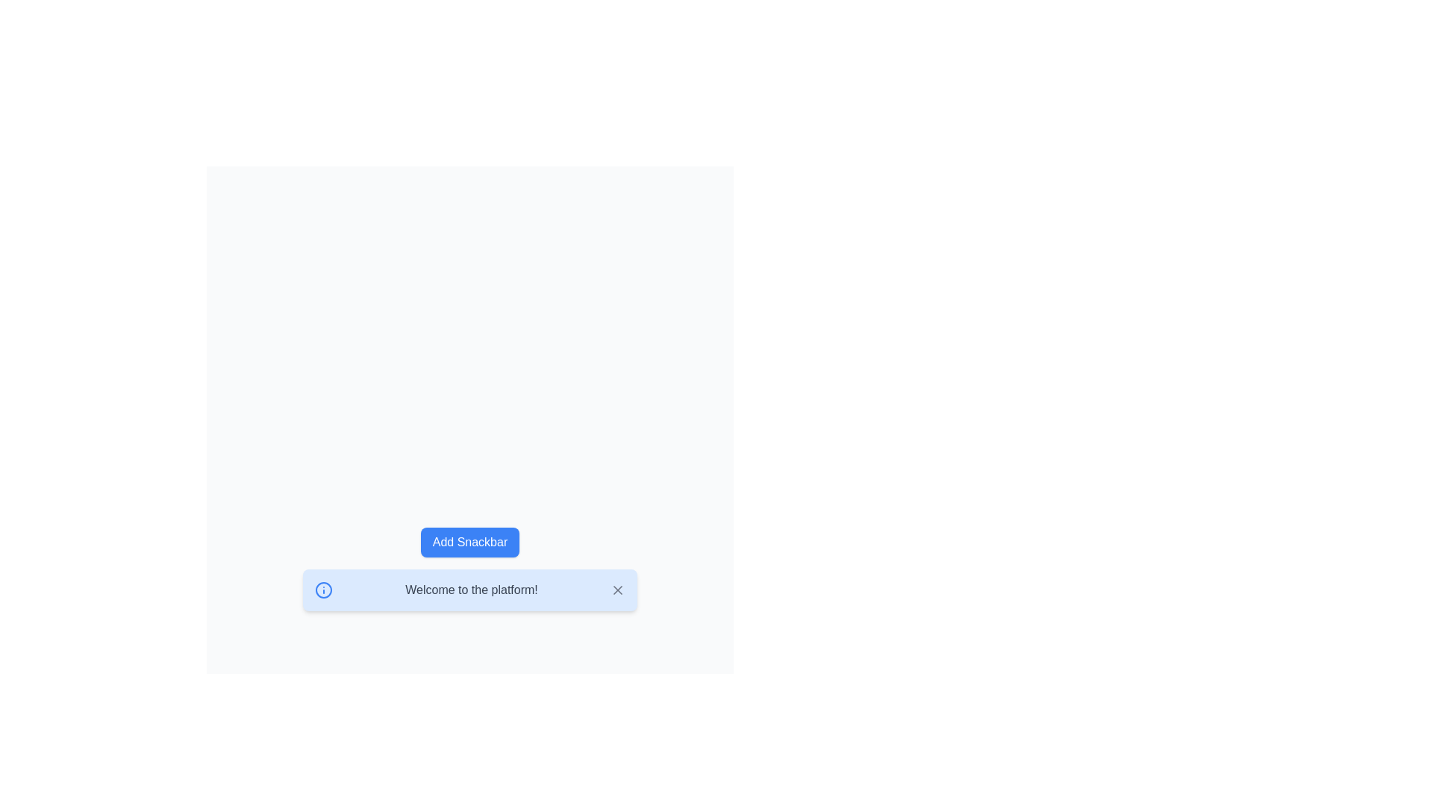 This screenshot has width=1433, height=806. I want to click on the 'Add Snackbar' button to add a new snackbar notification, so click(469, 542).